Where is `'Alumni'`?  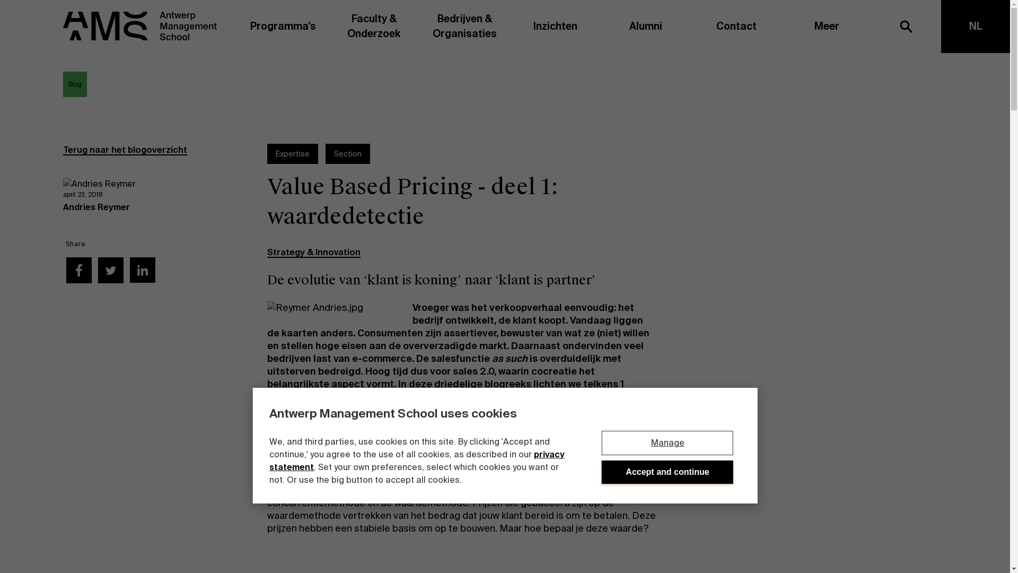
'Alumni' is located at coordinates (645, 26).